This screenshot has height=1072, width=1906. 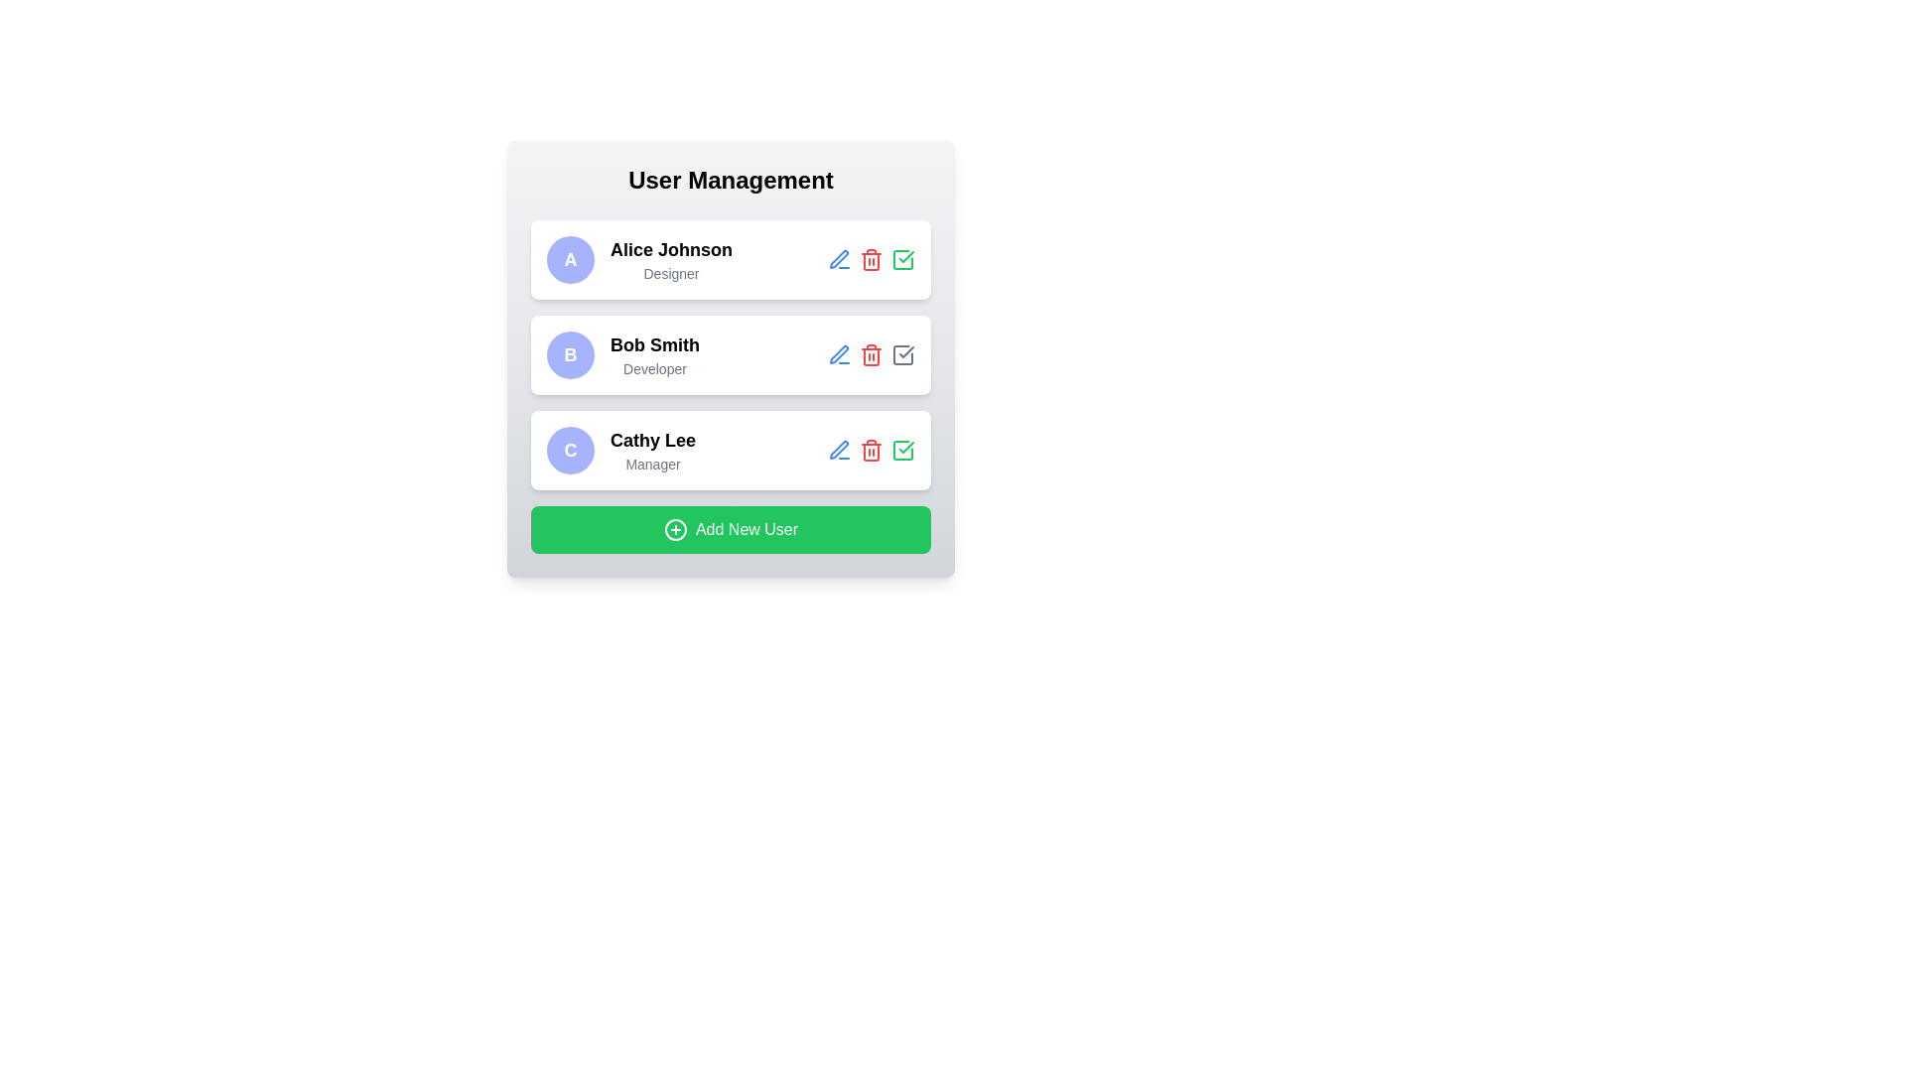 I want to click on the checkbox for 'Bob Smith' in the user management list, so click(x=902, y=354).